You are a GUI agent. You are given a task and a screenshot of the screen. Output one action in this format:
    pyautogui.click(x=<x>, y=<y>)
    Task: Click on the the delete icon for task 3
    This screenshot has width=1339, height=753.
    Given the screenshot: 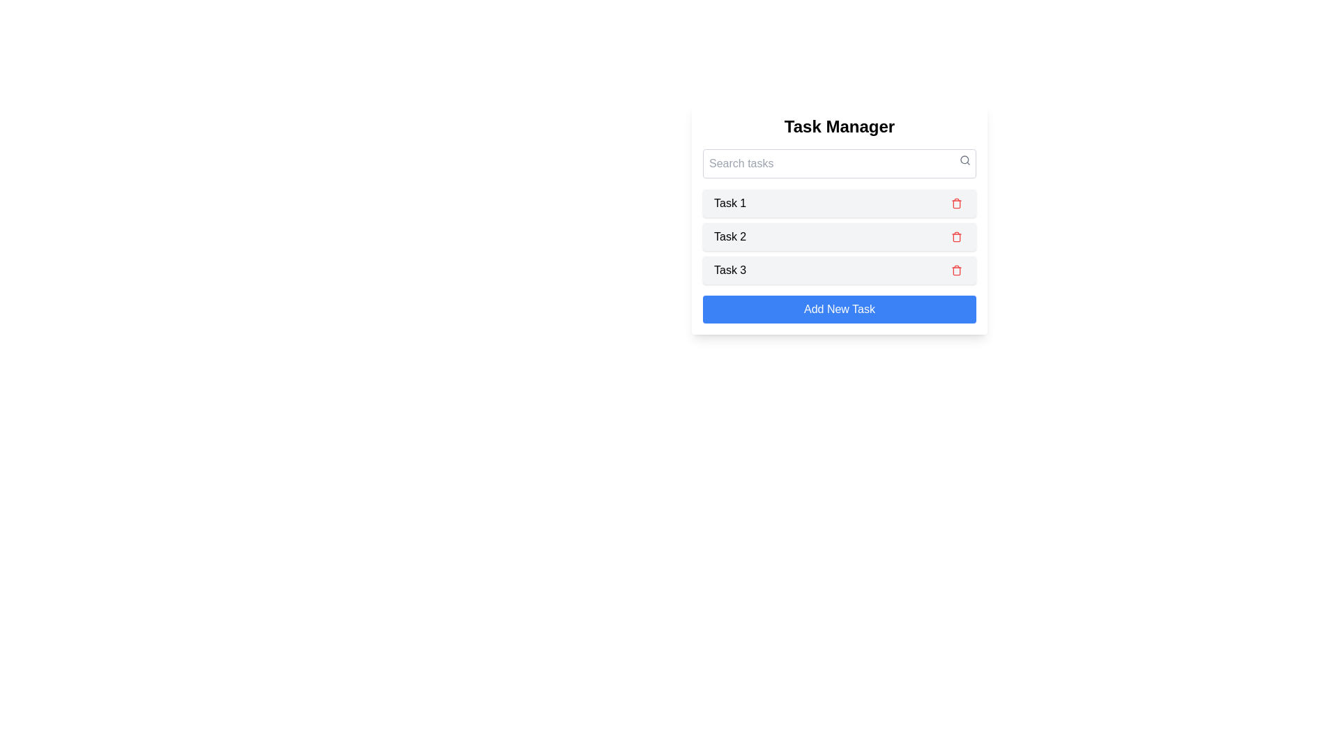 What is the action you would take?
    pyautogui.click(x=956, y=271)
    